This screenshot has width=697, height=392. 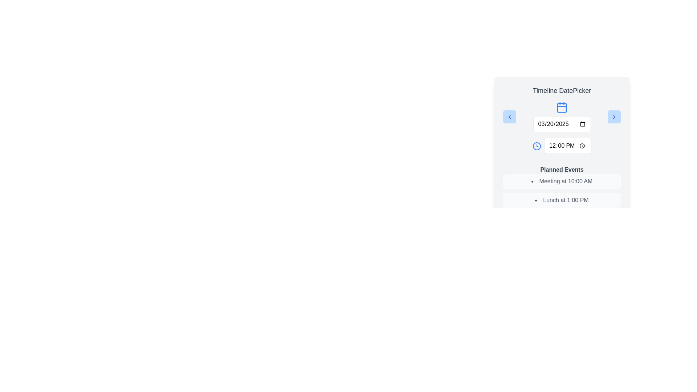 What do you see at coordinates (562, 108) in the screenshot?
I see `the decorative rounded rectangle element inside the SVG calendar icon, which has a blue outline and is located in the center above the date selection textbox` at bounding box center [562, 108].